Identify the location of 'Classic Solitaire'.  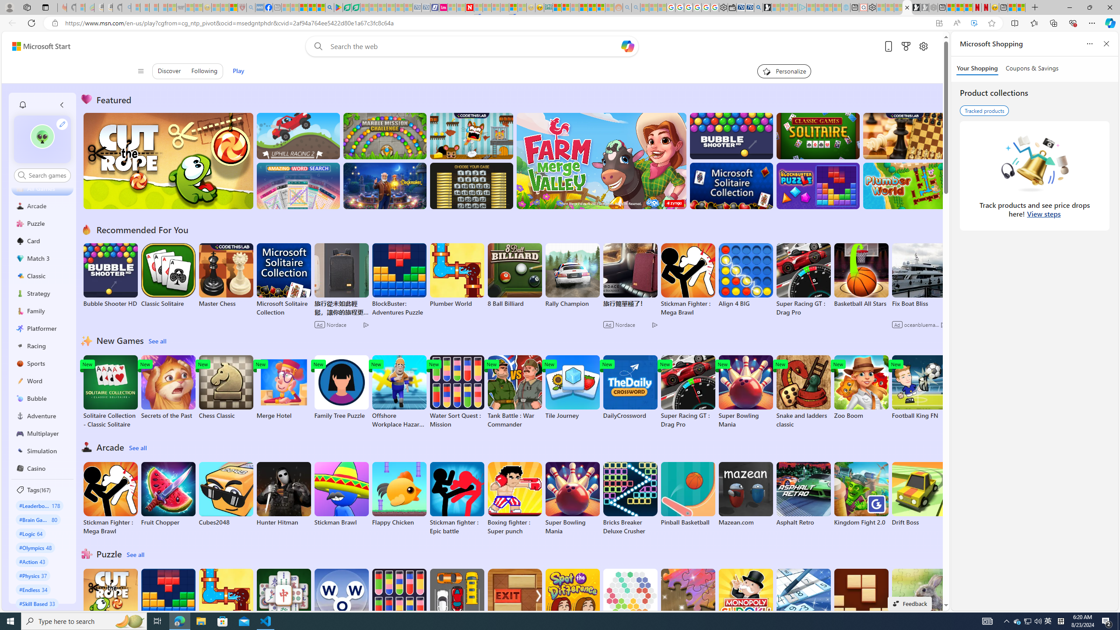
(168, 275).